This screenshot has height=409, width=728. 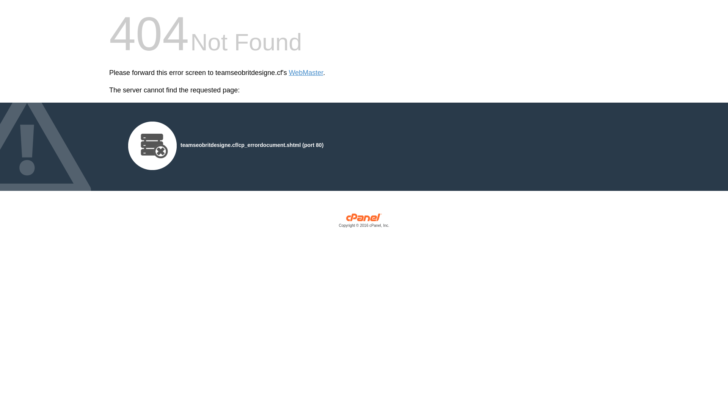 I want to click on 'WebMaster', so click(x=306, y=73).